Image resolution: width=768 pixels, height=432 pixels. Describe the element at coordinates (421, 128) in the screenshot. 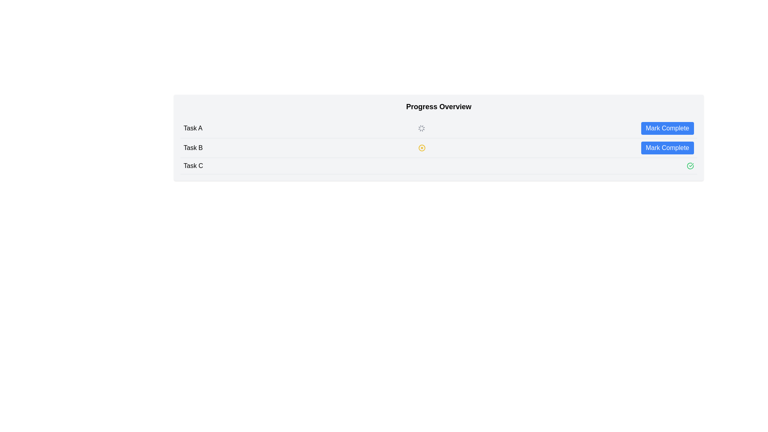

I see `the loading animation of the Icon (Loader) positioned below the 'Progress Overview' heading in the central section of the interface` at that location.